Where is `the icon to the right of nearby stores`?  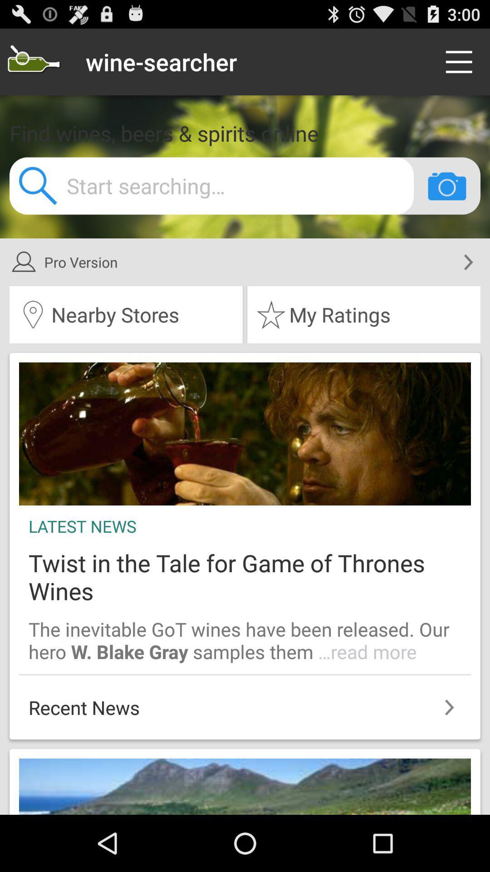 the icon to the right of nearby stores is located at coordinates (363, 314).